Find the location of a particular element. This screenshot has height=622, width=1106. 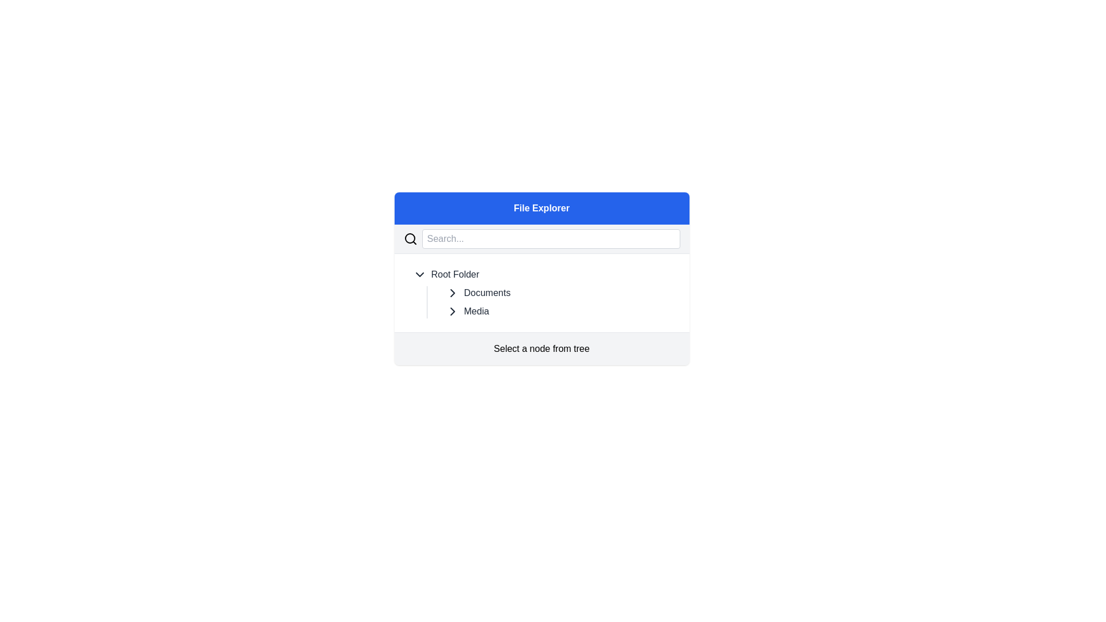

the search icon located at the far-left side of the search bar, which indicates the input field's purpose is located at coordinates (410, 238).